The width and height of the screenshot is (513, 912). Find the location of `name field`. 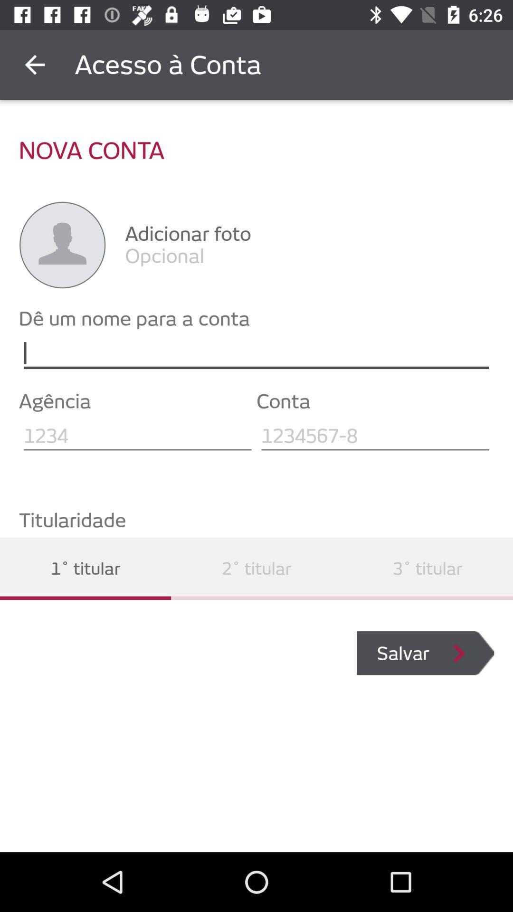

name field is located at coordinates (256, 353).